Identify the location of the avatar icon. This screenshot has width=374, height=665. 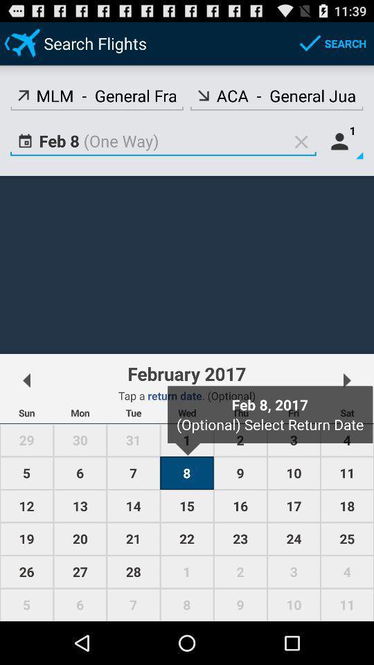
(342, 151).